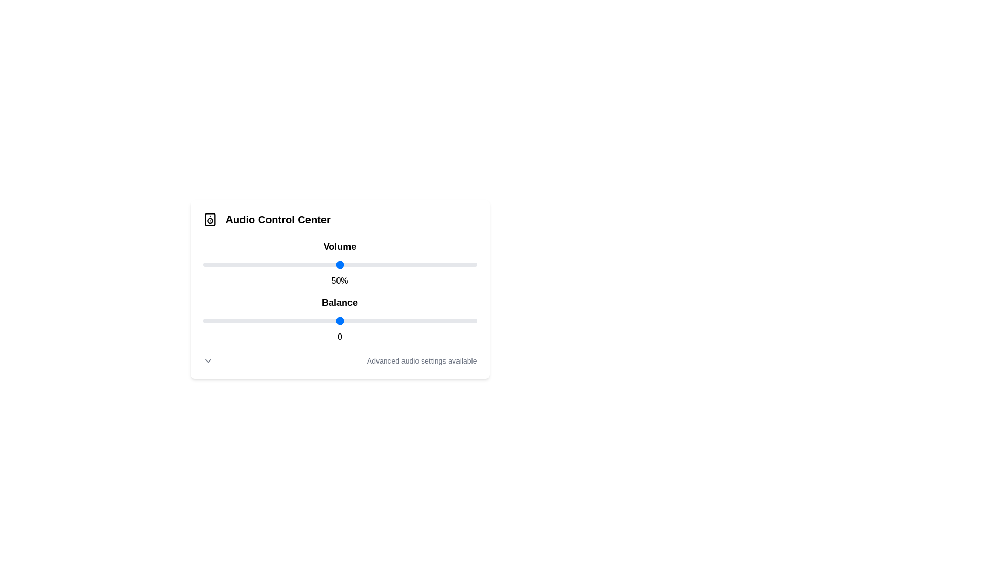  Describe the element at coordinates (474, 264) in the screenshot. I see `the volume slider to 99%` at that location.